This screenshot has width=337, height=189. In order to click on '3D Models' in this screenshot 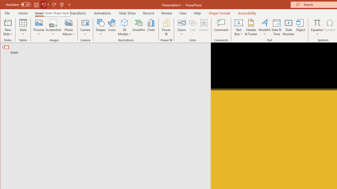, I will do `click(124, 22)`.